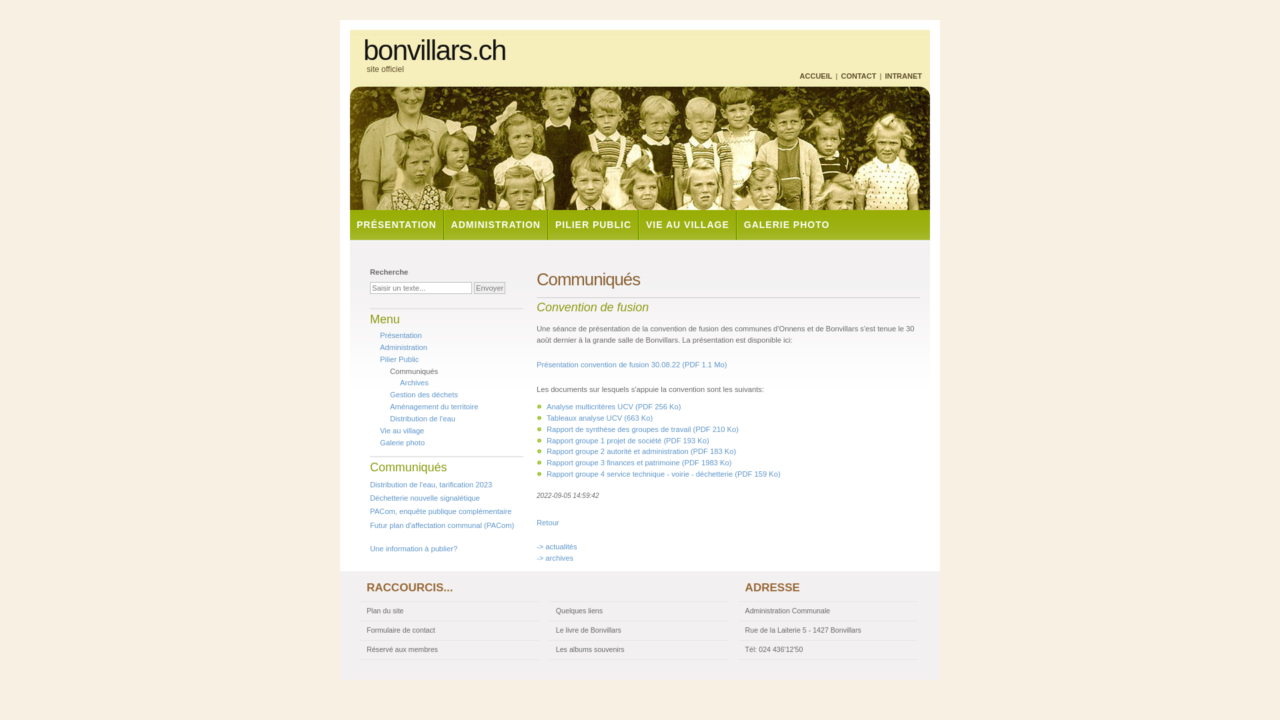 The height and width of the screenshot is (720, 1280). Describe the element at coordinates (827, 611) in the screenshot. I see `'Administration Communale'` at that location.